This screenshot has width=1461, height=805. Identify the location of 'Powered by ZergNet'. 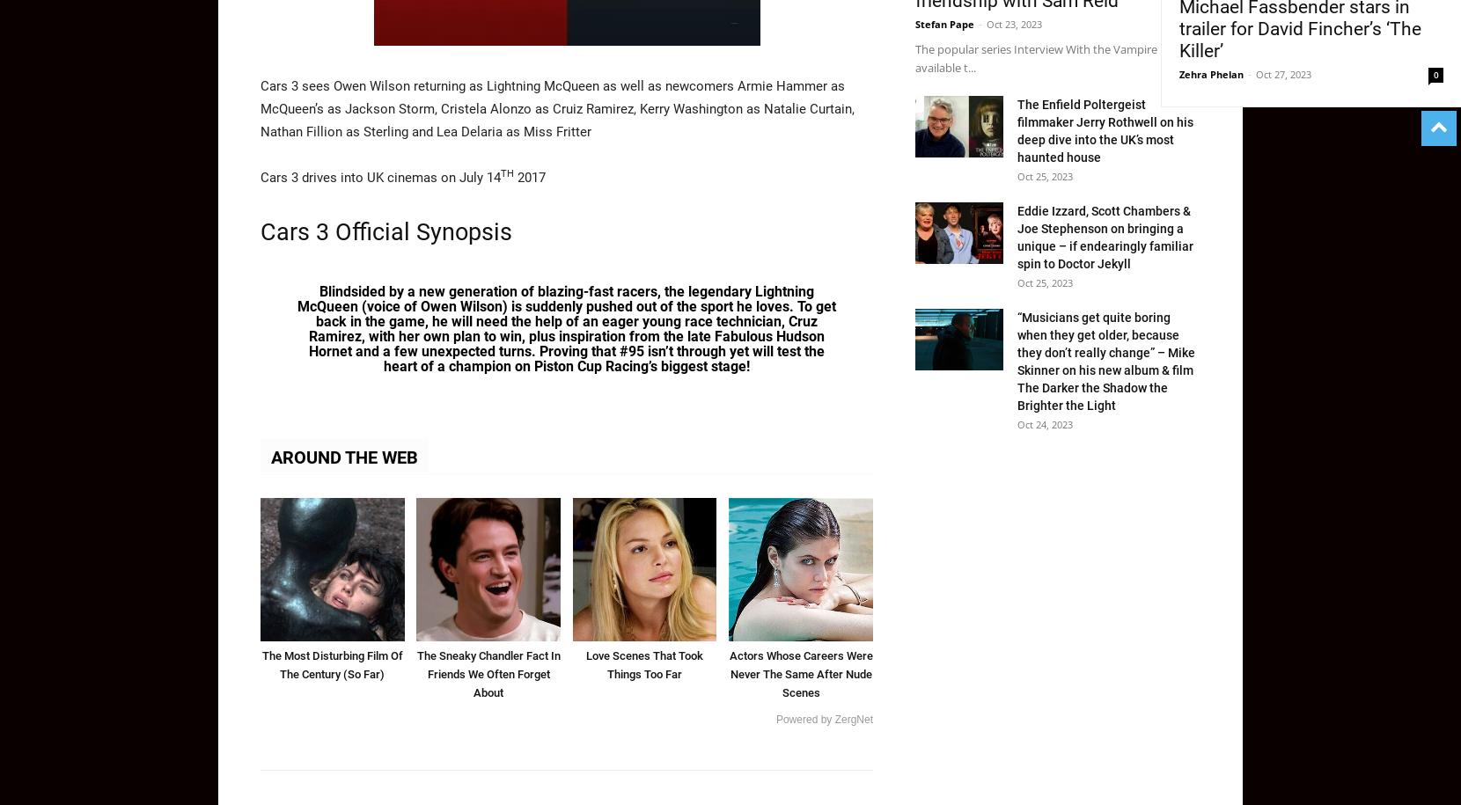
(774, 720).